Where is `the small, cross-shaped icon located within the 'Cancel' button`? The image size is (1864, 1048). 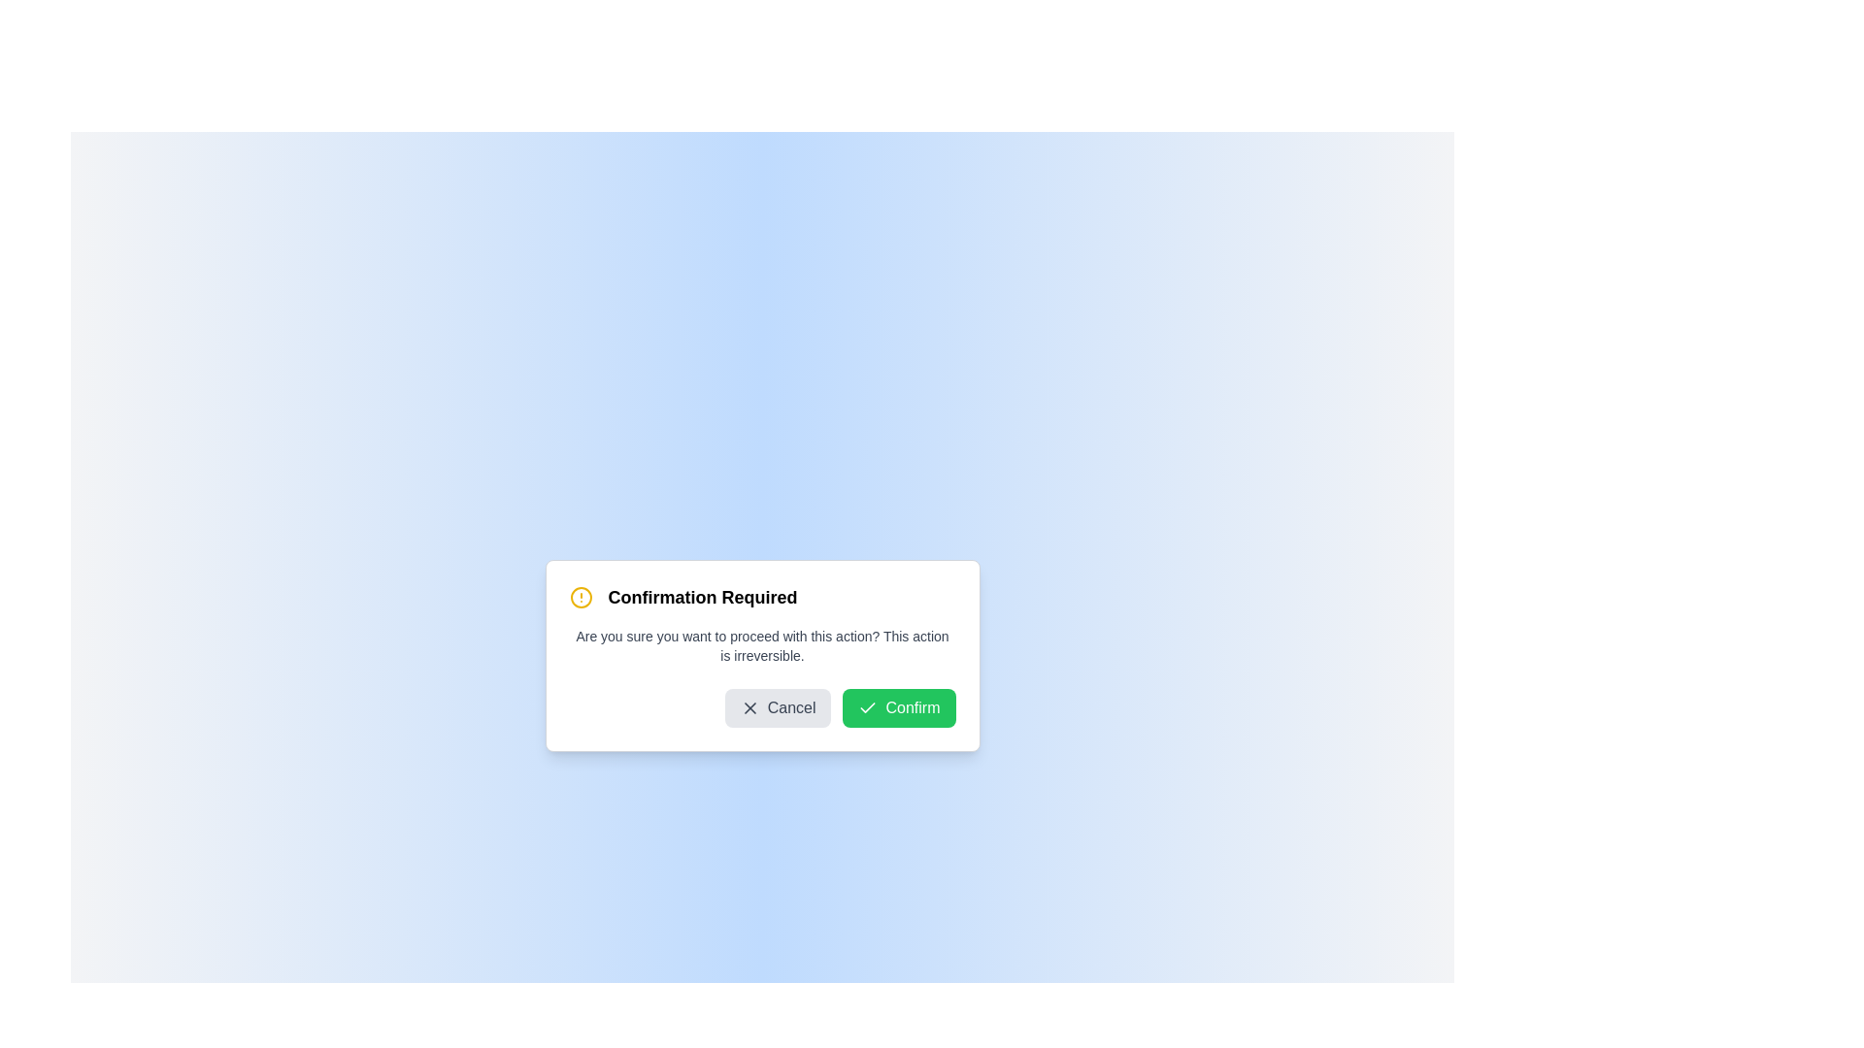 the small, cross-shaped icon located within the 'Cancel' button is located at coordinates (749, 707).